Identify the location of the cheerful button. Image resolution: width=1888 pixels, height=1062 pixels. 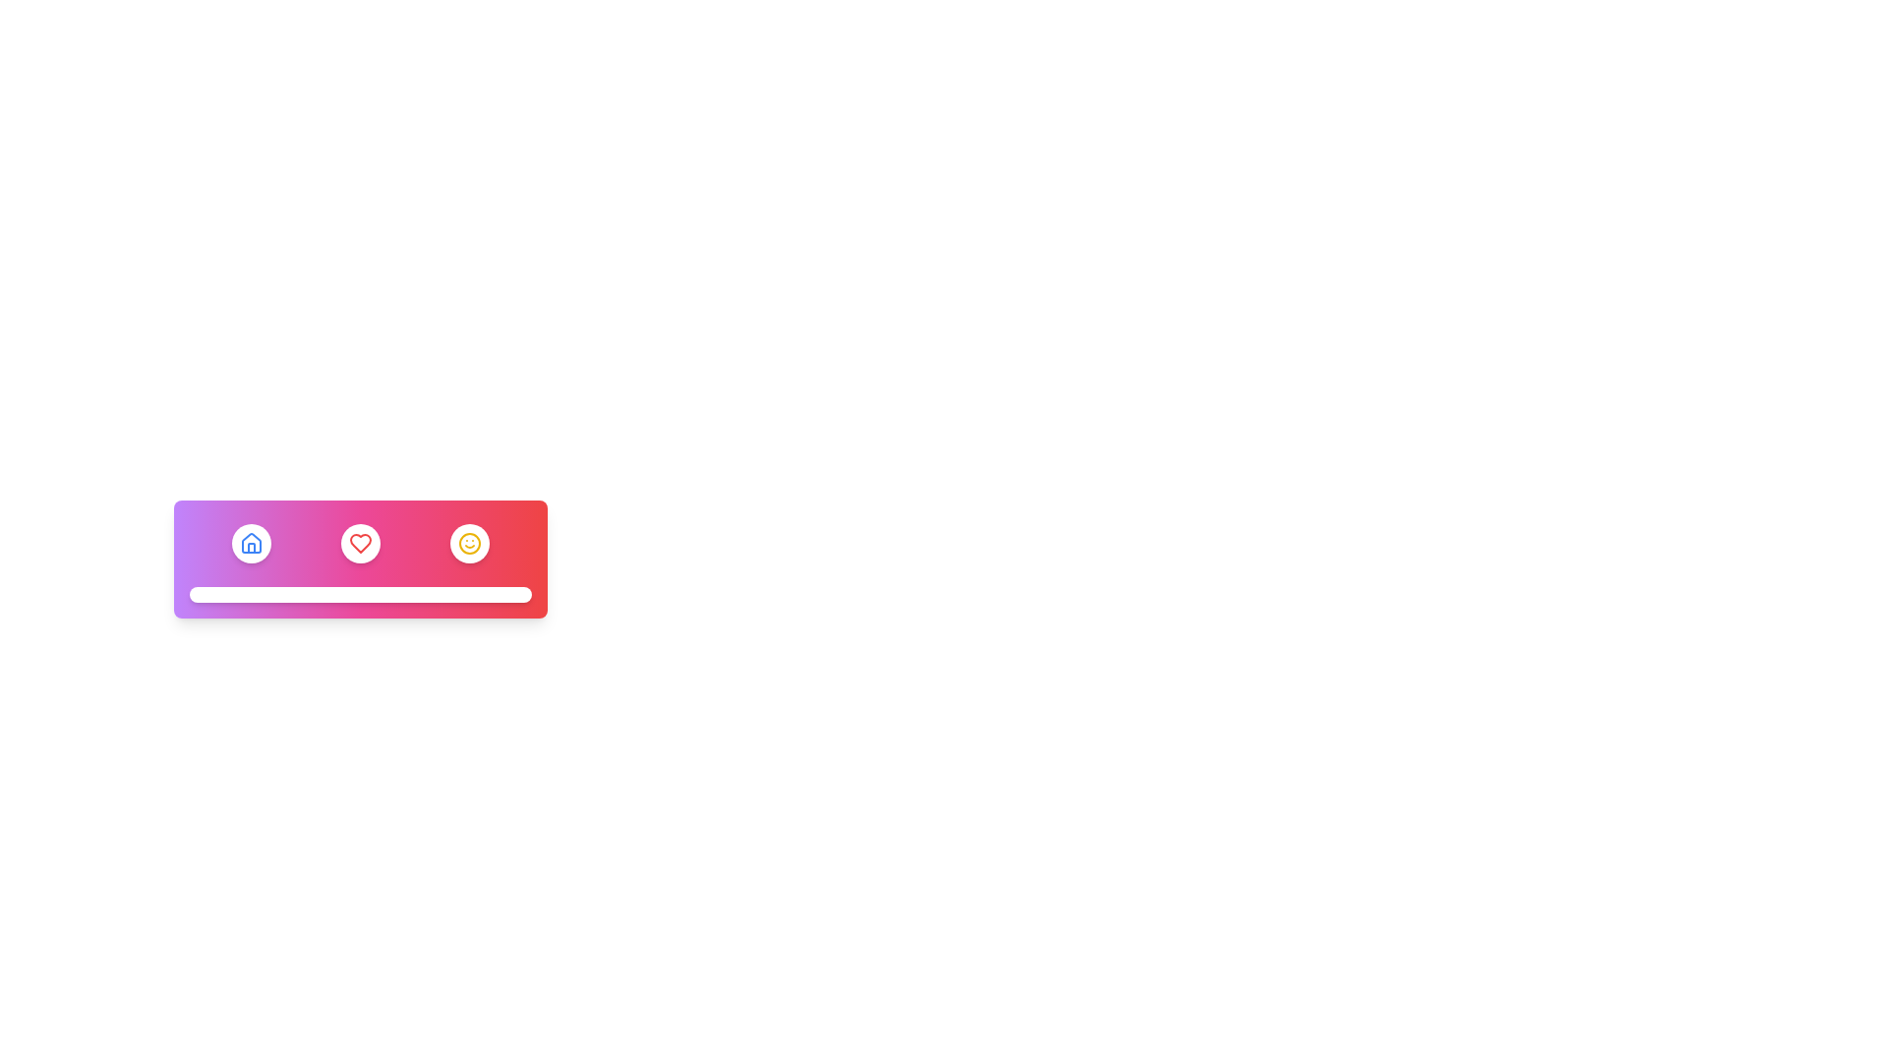
(468, 543).